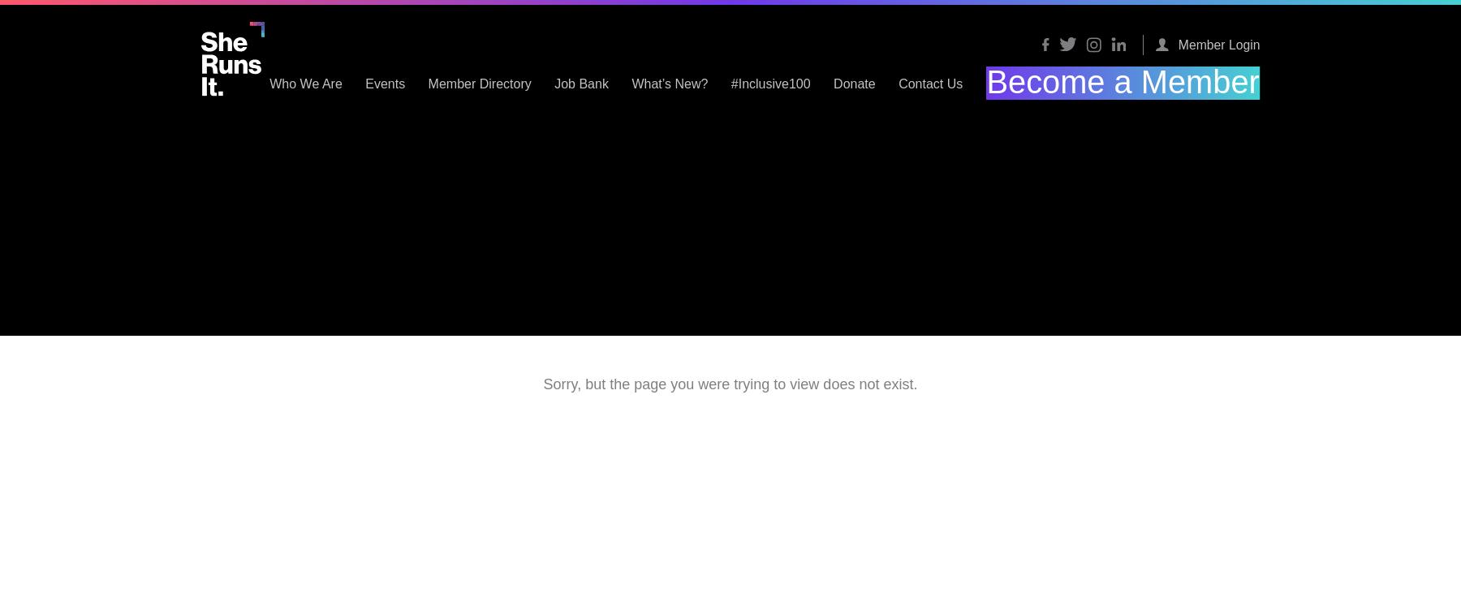  What do you see at coordinates (897, 83) in the screenshot?
I see `'#Inclusive100'` at bounding box center [897, 83].